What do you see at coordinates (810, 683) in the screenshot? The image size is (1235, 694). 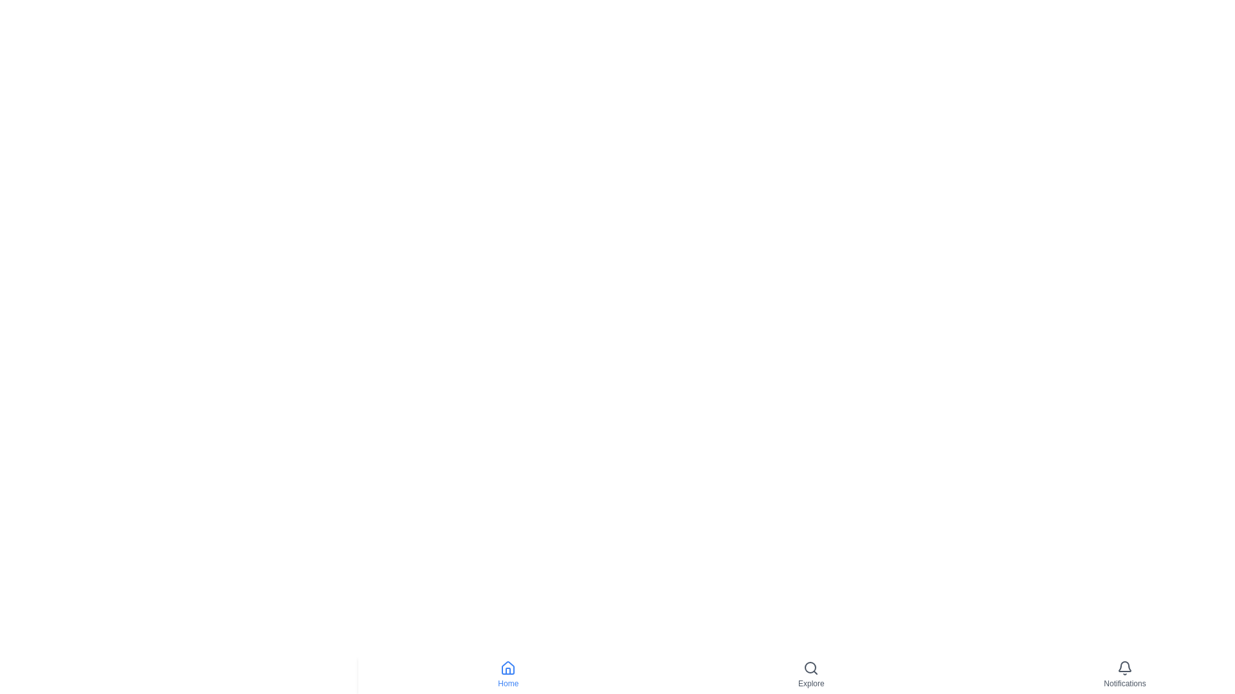 I see `the 'Explore' text label element, which is styled with small gray text and positioned below a magnifying glass icon in the navigation section` at bounding box center [810, 683].